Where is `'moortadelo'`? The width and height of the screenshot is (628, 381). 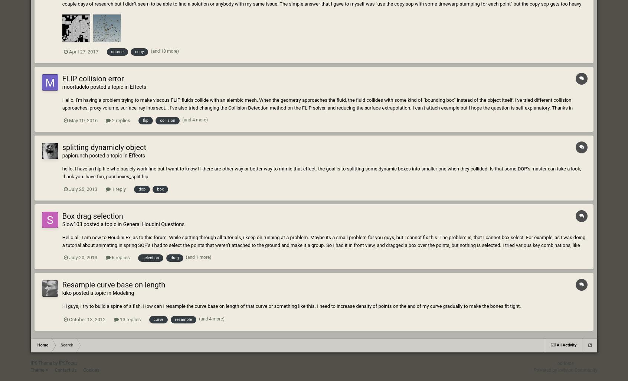
'moortadelo' is located at coordinates (75, 87).